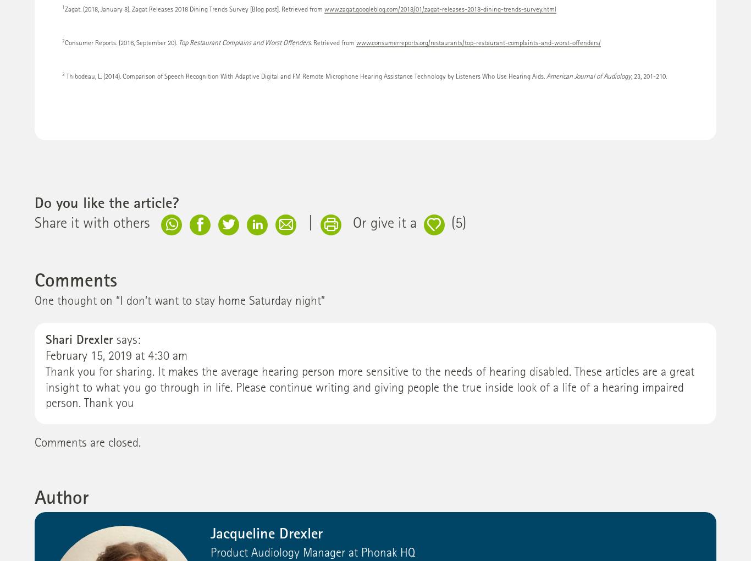  I want to click on 'Thibodeau, L. (2014). Comparison of Speech Recognition With Adaptive Digital and FM Remote Microphone Hearing Assistance Technology by Listeners Who Use Hearing Aids.', so click(305, 77).